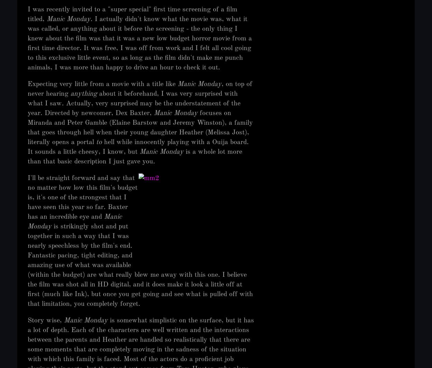 The image size is (432, 368). Describe the element at coordinates (27, 198) in the screenshot. I see `'I'll be straight forward and say that no matter how low this film's budget is, it's one of the strongest that I have seen this year so far. Baxter has an incredible eye and'` at that location.